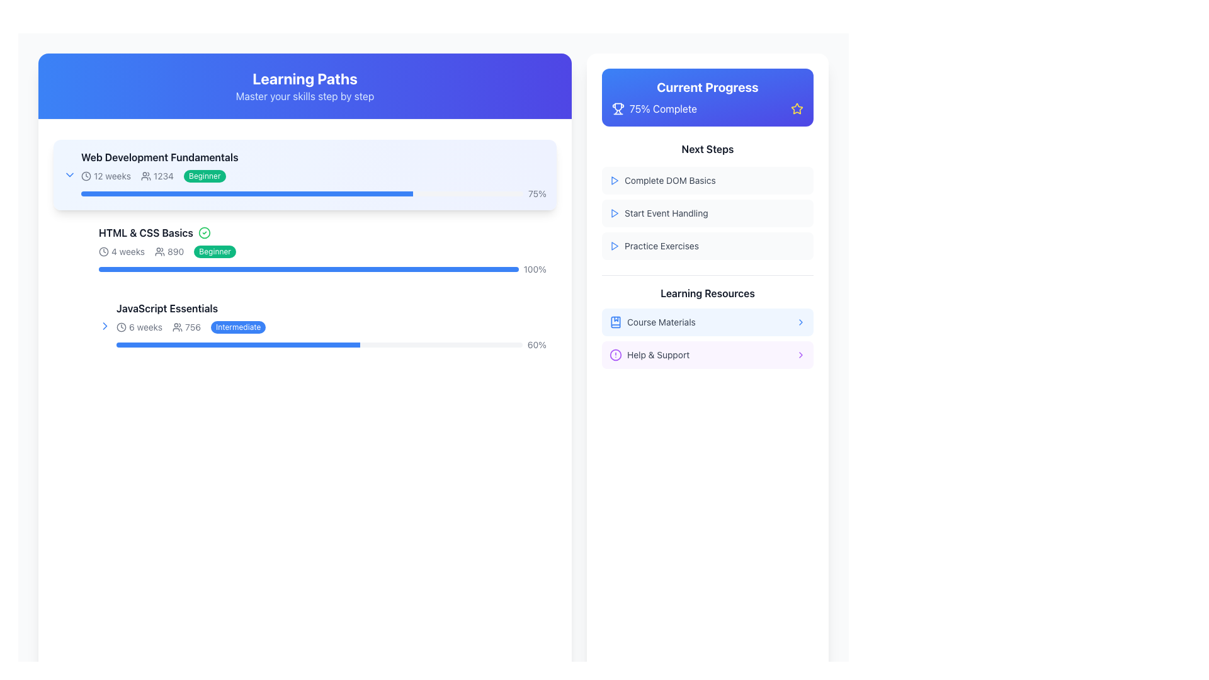 Image resolution: width=1209 pixels, height=680 pixels. I want to click on the circular outline in the clock icon that visually indicates the duration of '12 weeks' in the 'Web Development Fundamentals' section, so click(103, 252).